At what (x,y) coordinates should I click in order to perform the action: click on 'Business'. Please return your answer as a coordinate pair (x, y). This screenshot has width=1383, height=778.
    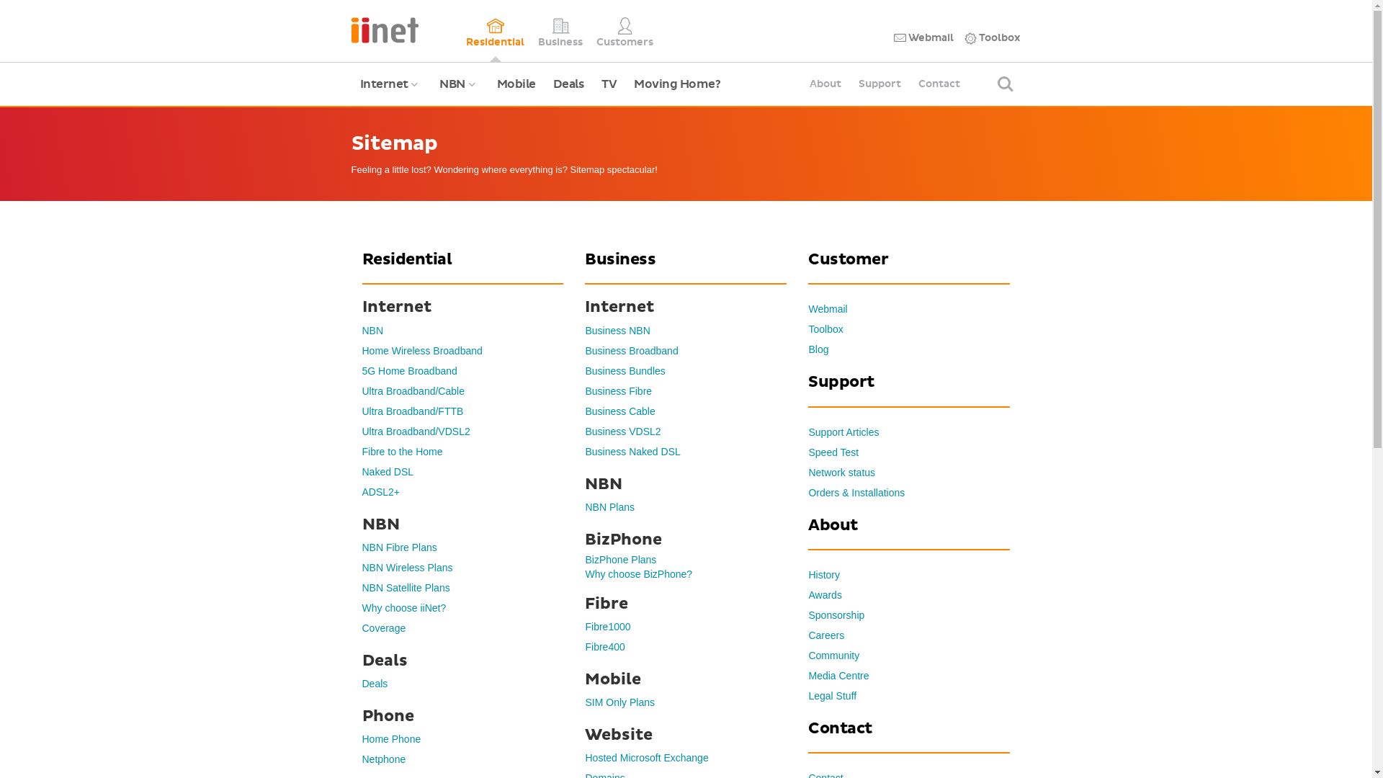
    Looking at the image, I should click on (537, 30).